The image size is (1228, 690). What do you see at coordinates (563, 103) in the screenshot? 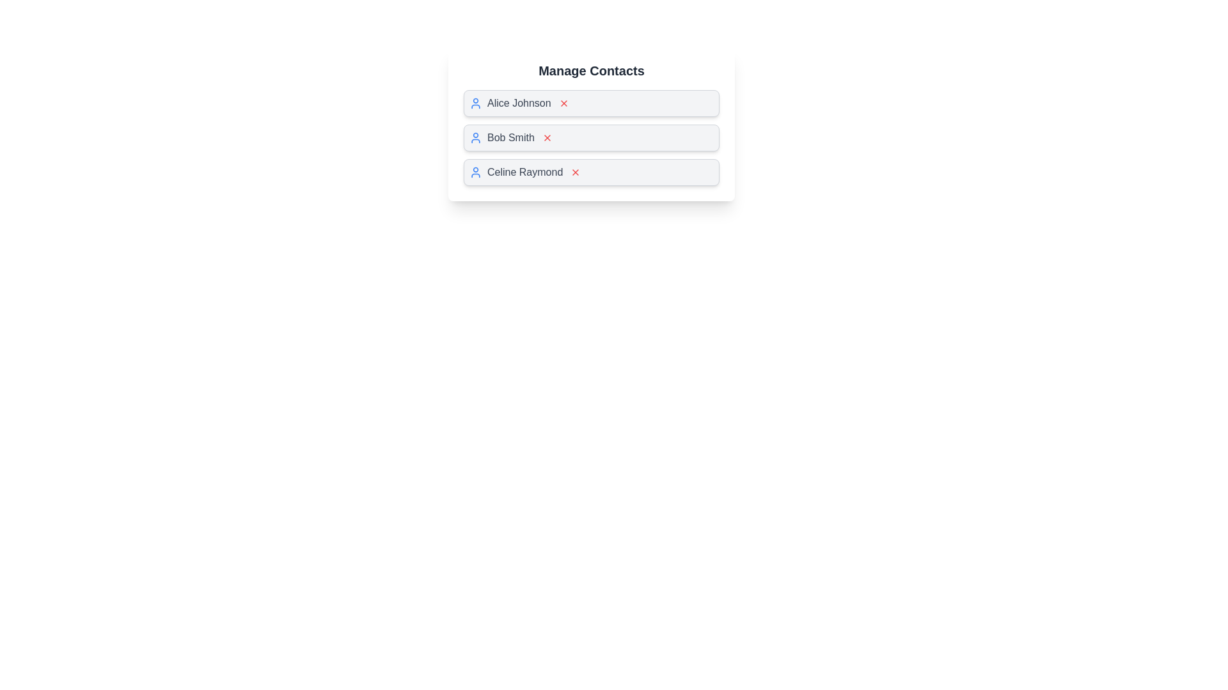
I see `remove button for the contact named Alice Johnson` at bounding box center [563, 103].